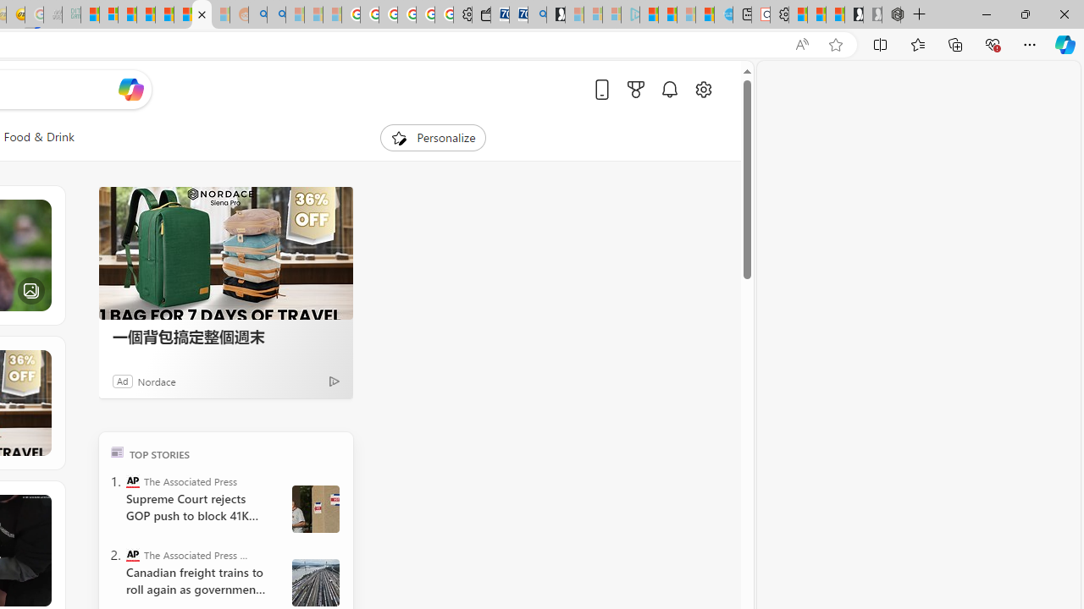  I want to click on 'Notifications', so click(669, 89).